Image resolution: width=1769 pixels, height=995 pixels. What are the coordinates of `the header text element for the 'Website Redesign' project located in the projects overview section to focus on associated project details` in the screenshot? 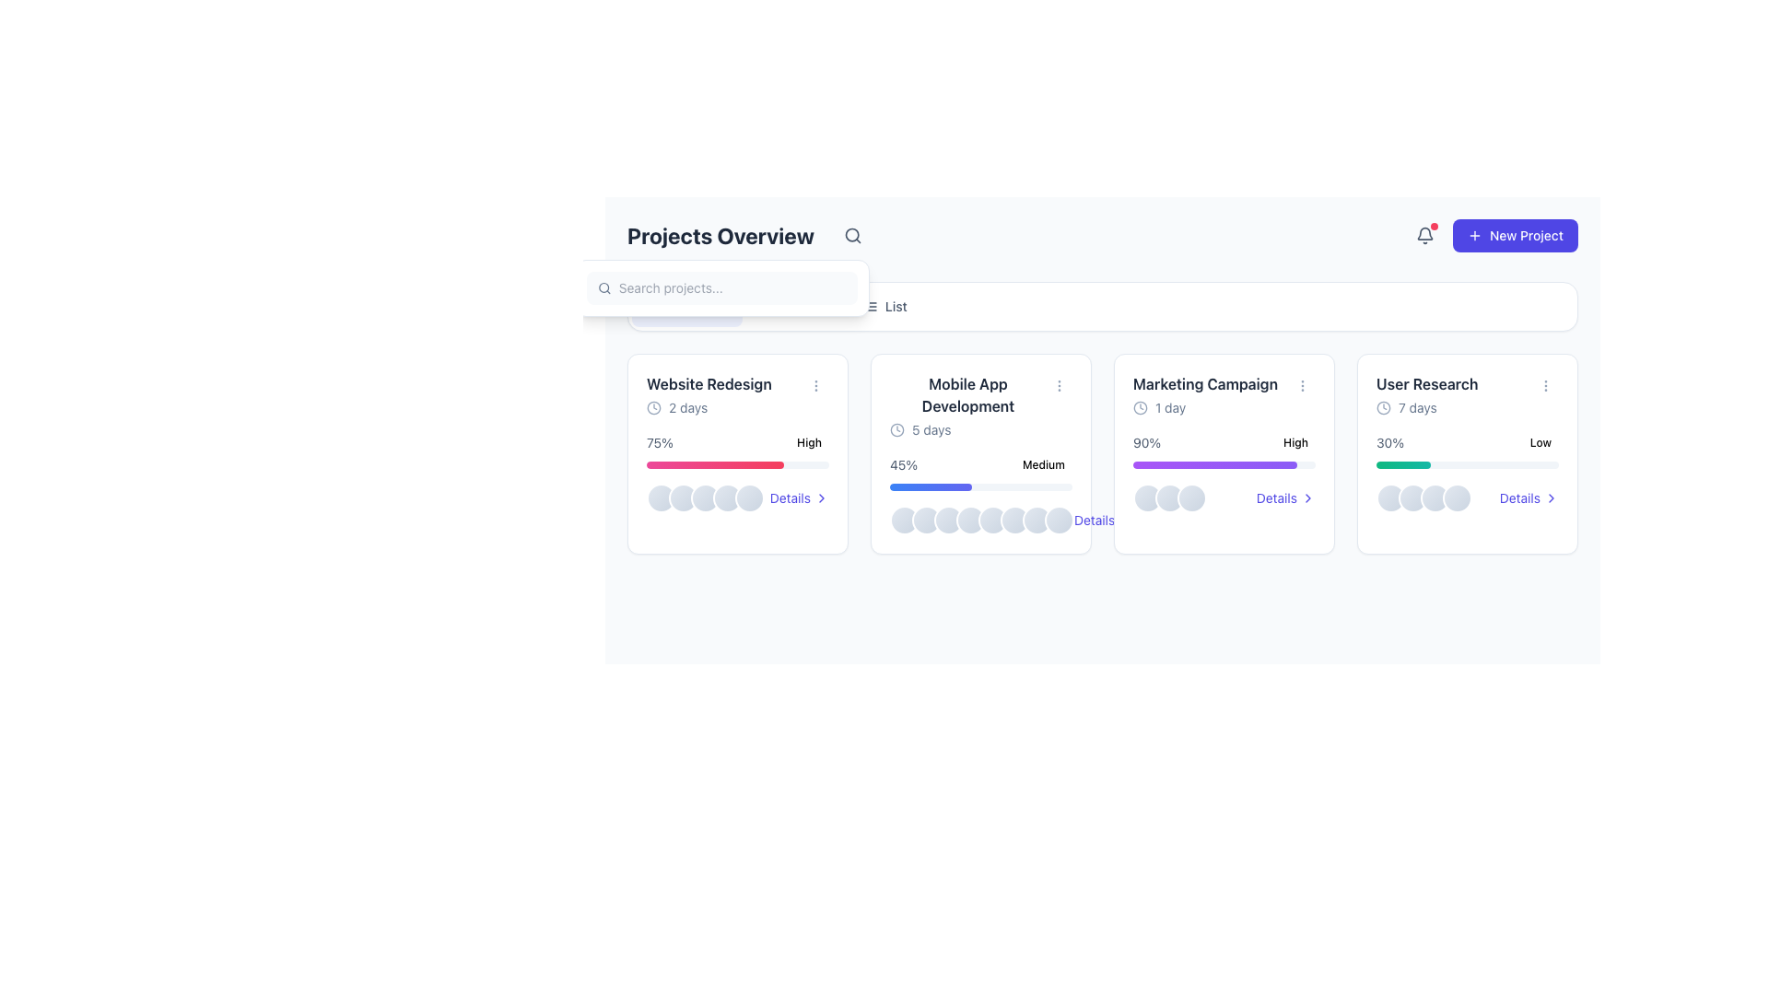 It's located at (738, 393).